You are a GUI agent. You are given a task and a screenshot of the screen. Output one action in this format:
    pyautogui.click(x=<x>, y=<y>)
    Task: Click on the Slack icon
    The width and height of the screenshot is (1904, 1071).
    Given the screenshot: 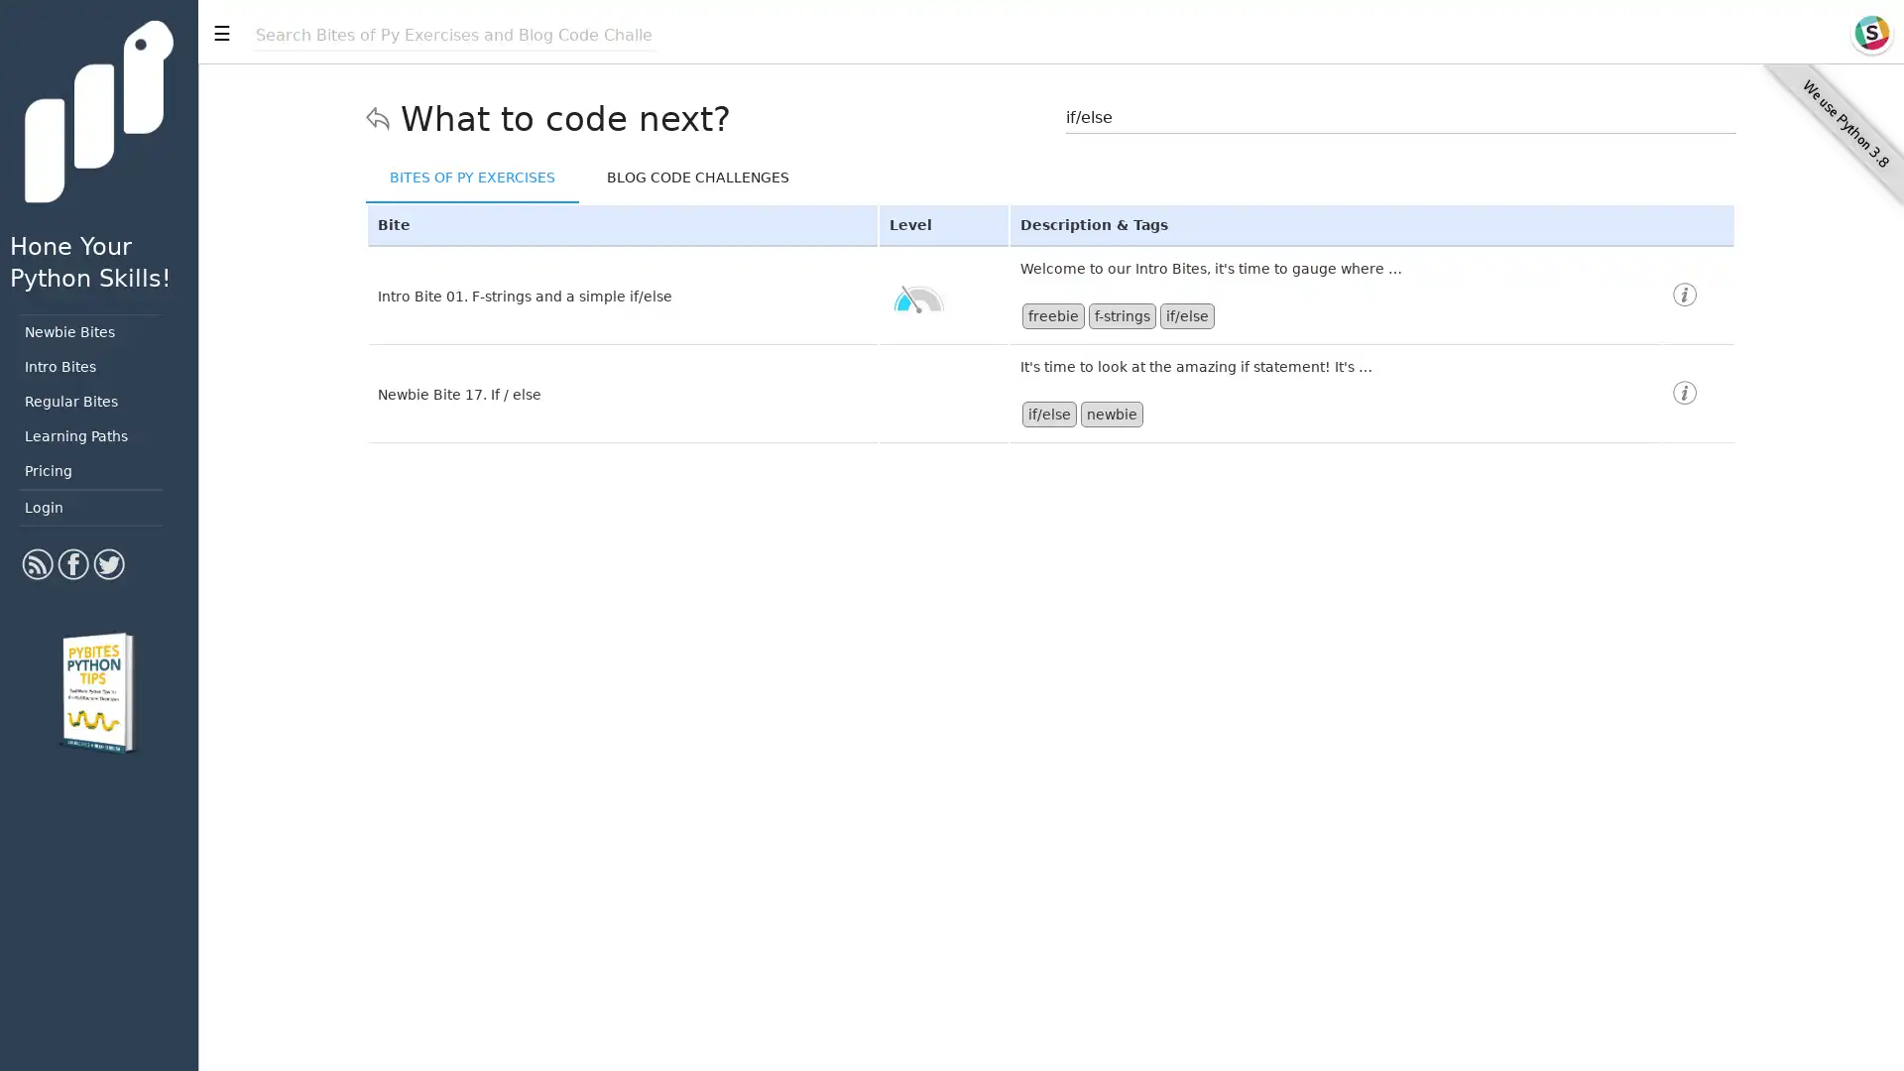 What is the action you would take?
    pyautogui.click(x=1870, y=33)
    